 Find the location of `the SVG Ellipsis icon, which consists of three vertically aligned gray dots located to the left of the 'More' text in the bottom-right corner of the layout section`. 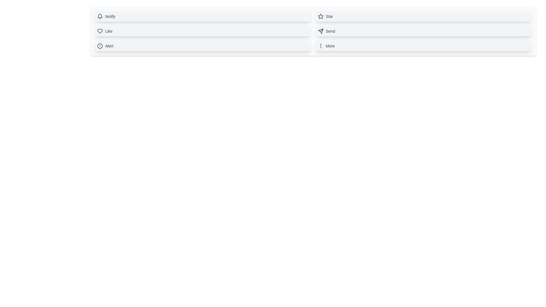

the SVG Ellipsis icon, which consists of three vertically aligned gray dots located to the left of the 'More' text in the bottom-right corner of the layout section is located at coordinates (320, 46).